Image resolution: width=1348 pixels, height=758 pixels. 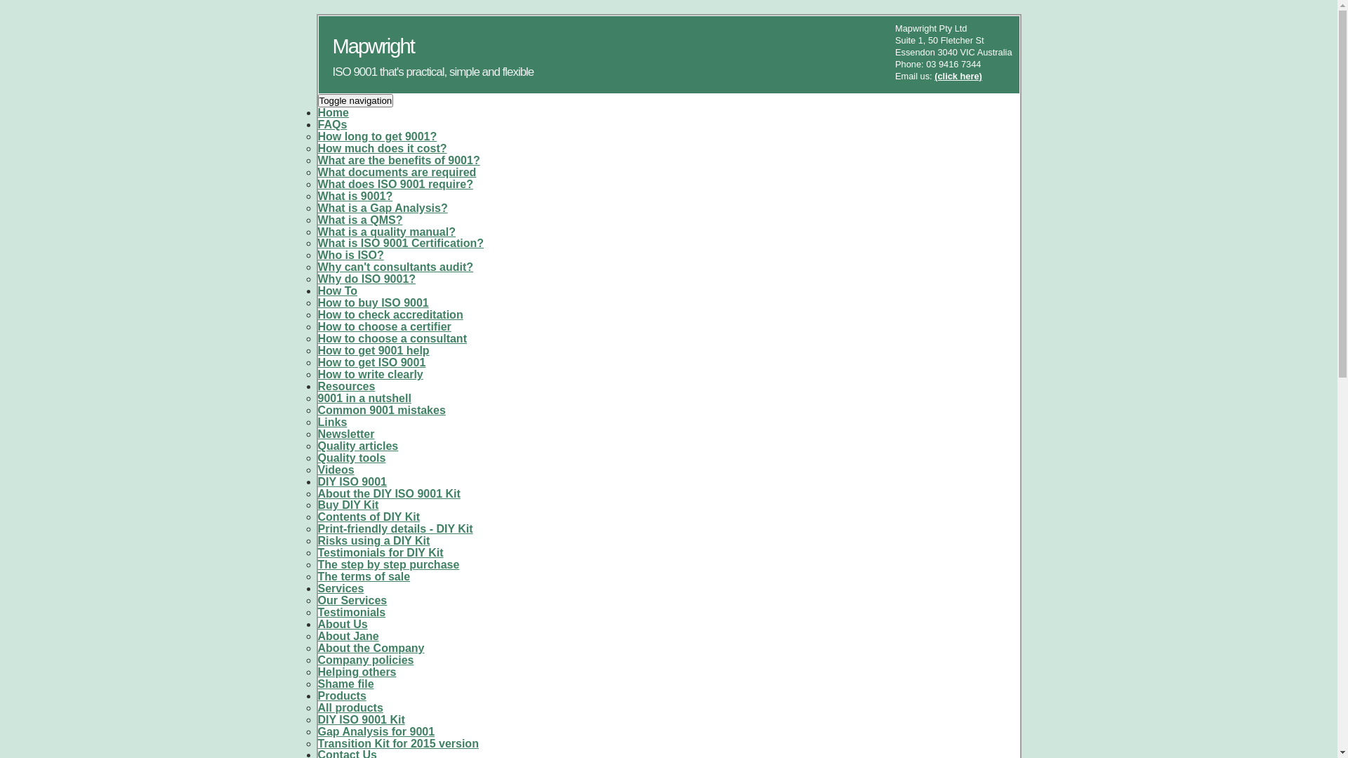 What do you see at coordinates (396, 171) in the screenshot?
I see `'What documents are required'` at bounding box center [396, 171].